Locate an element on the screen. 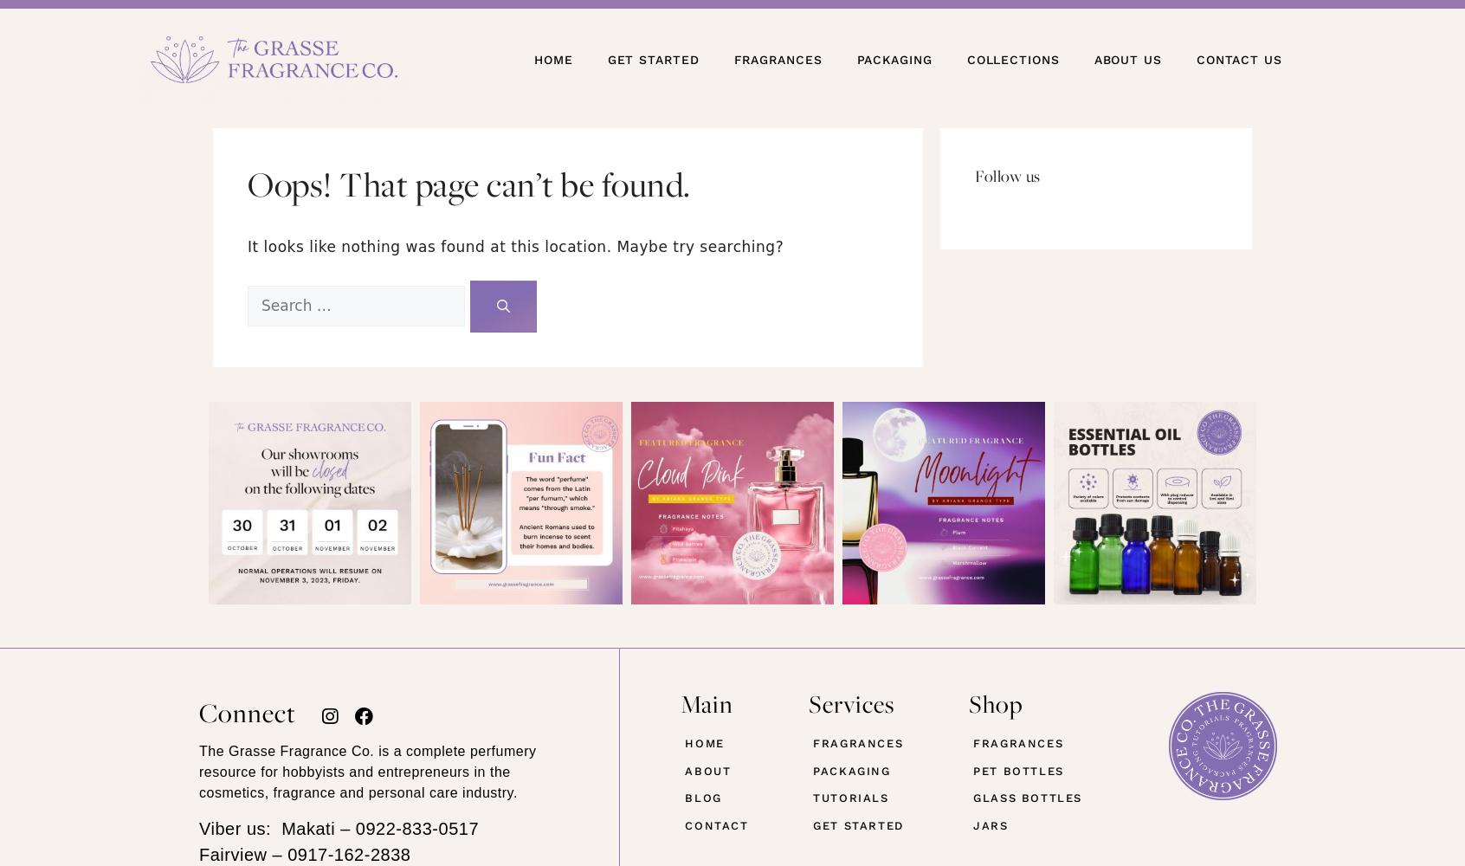 This screenshot has width=1465, height=866. 'Tutorials' is located at coordinates (850, 798).